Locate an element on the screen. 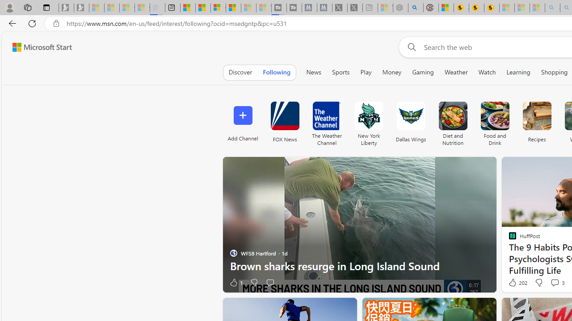 This screenshot has width=572, height=321. 'Wildlife - MSN - Sleeping' is located at coordinates (385, 8).